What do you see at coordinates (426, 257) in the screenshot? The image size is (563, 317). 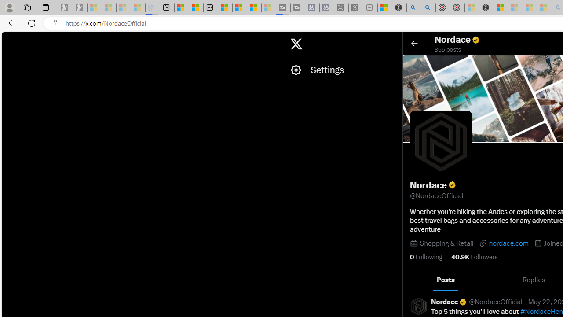 I see `'0 Following'` at bounding box center [426, 257].